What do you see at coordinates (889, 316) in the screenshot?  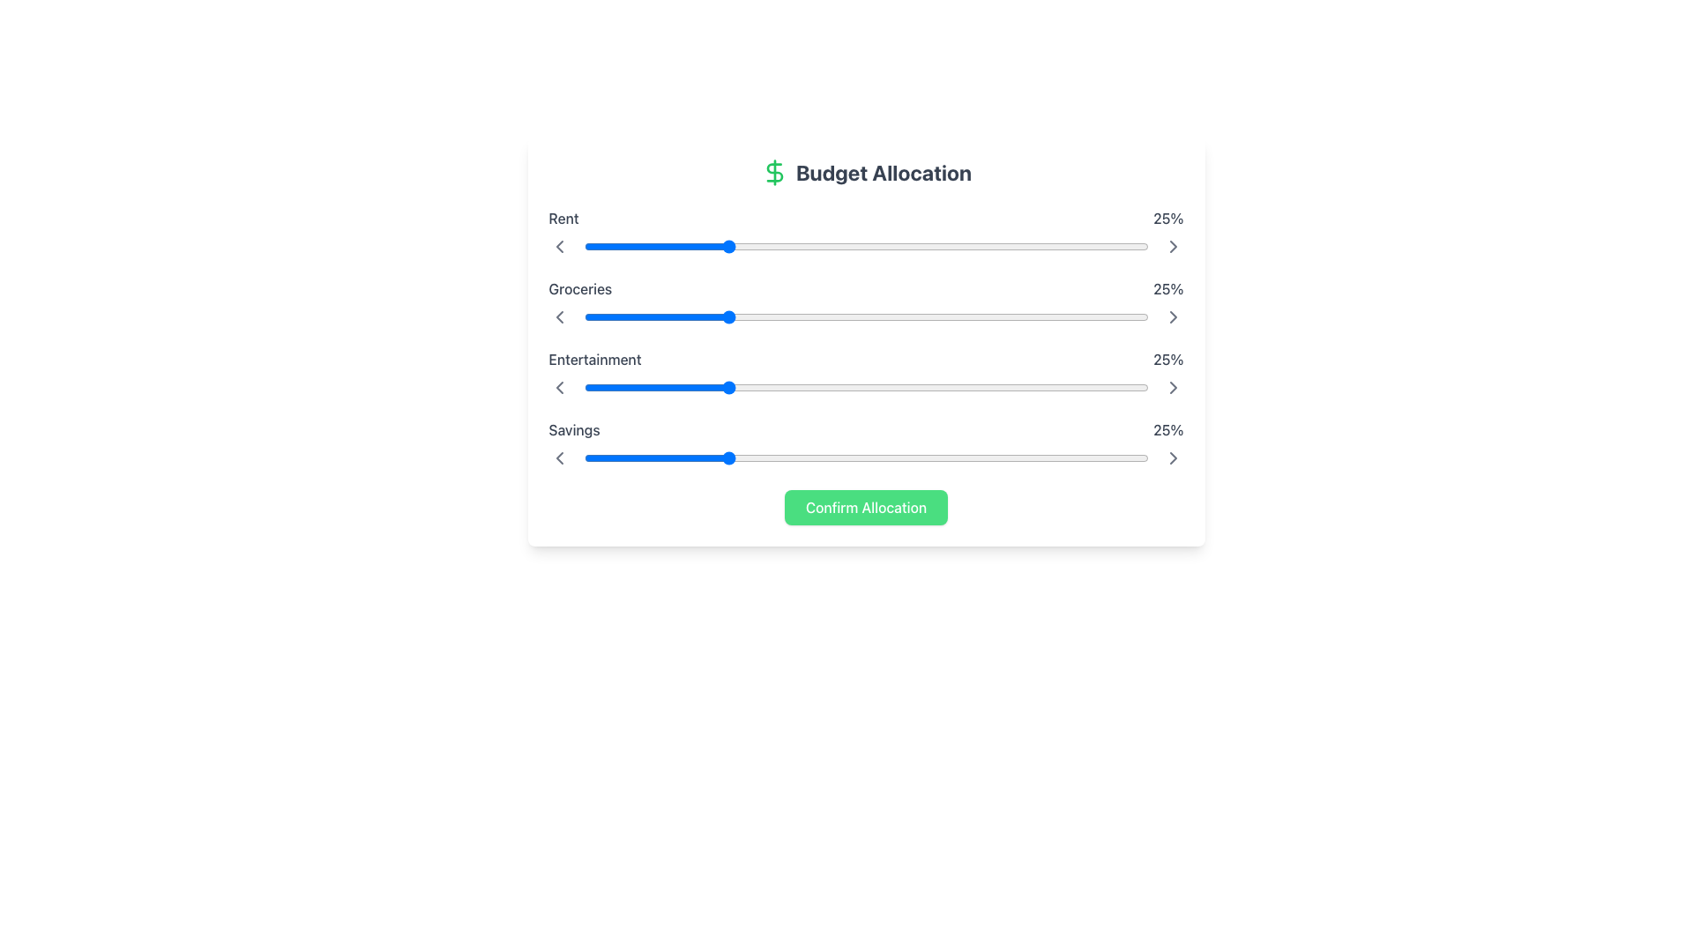 I see `the groceries allocation percentage` at bounding box center [889, 316].